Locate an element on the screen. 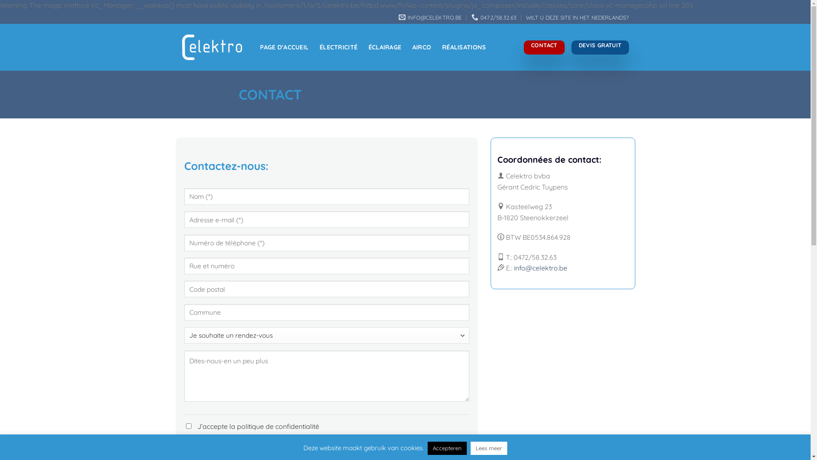 Image resolution: width=817 pixels, height=460 pixels. '0472/58.32.63' is located at coordinates (494, 17).